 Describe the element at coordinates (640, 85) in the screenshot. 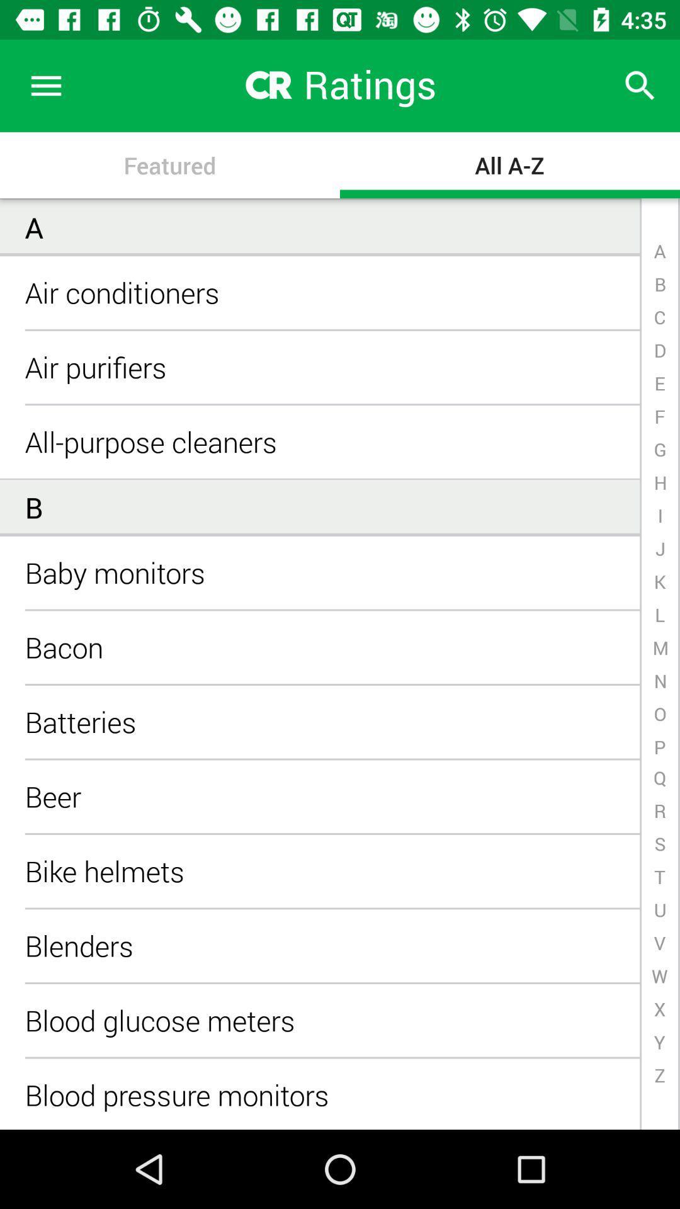

I see `item to the right of ratings icon` at that location.